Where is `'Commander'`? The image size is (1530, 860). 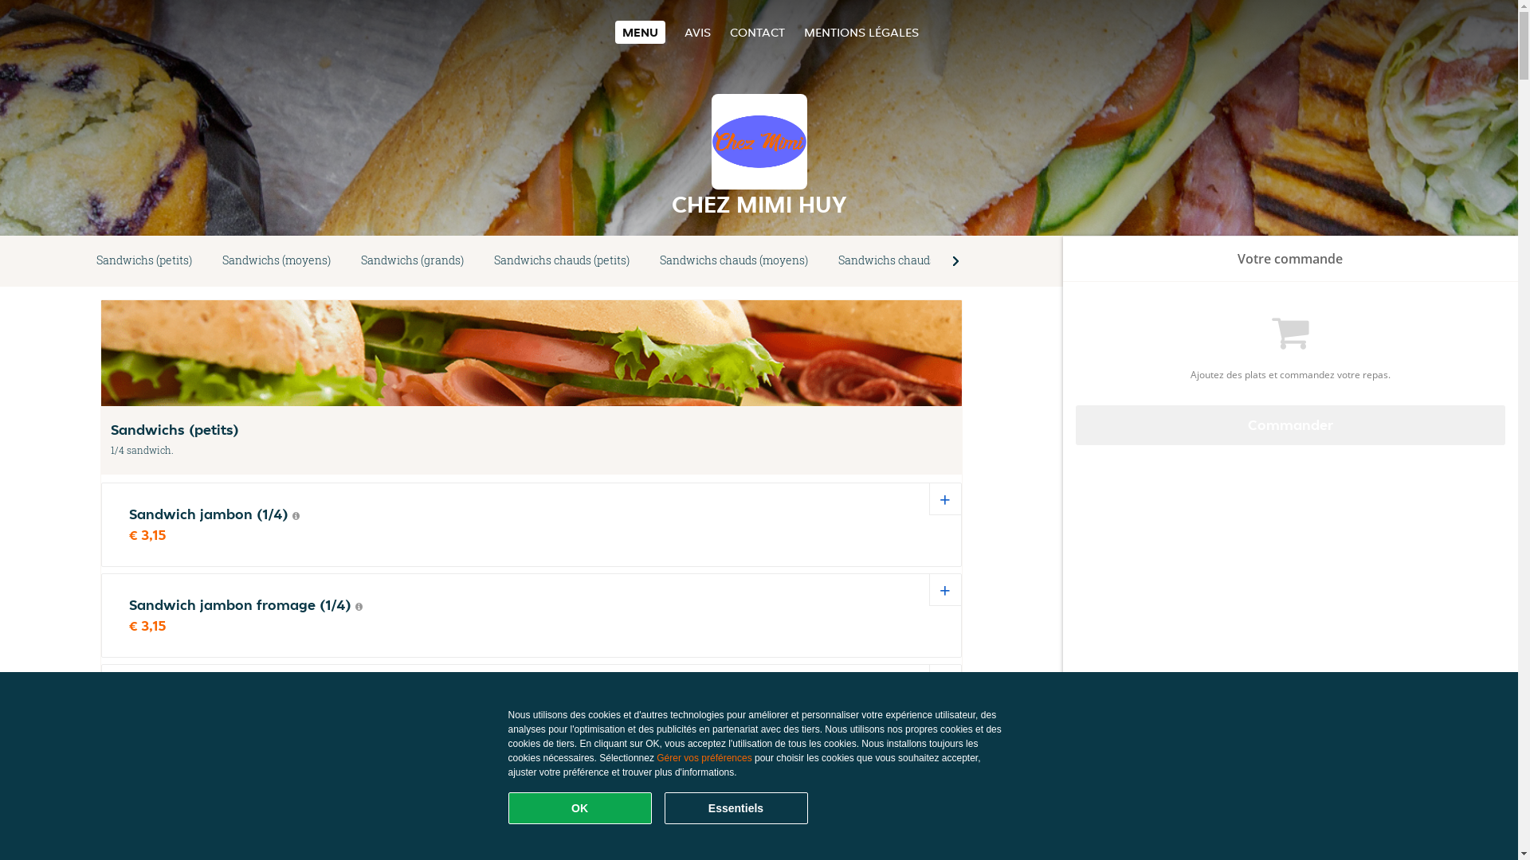
'Commander' is located at coordinates (1291, 424).